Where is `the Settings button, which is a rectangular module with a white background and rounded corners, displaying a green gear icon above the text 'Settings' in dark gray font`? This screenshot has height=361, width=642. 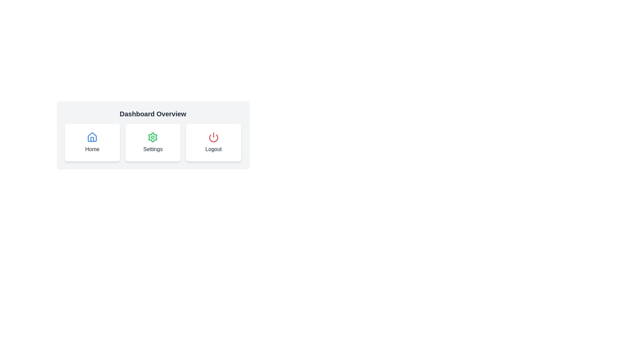 the Settings button, which is a rectangular module with a white background and rounded corners, displaying a green gear icon above the text 'Settings' in dark gray font is located at coordinates (152, 142).